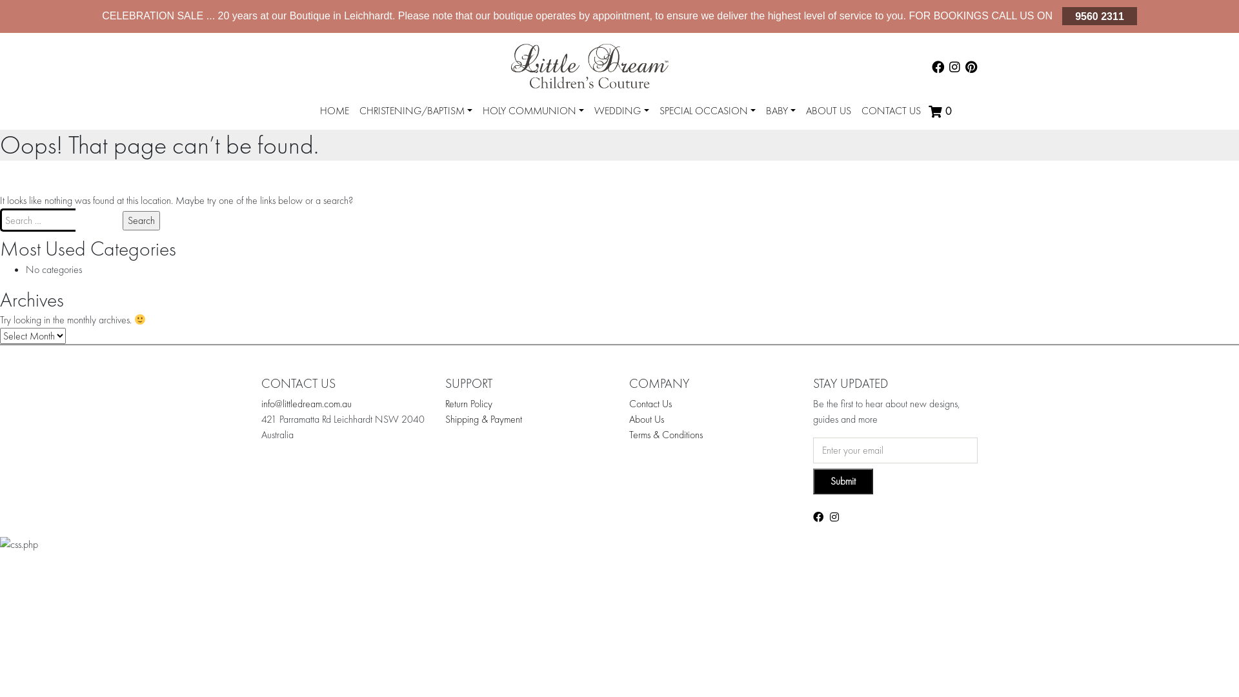  Describe the element at coordinates (824, 136) in the screenshot. I see `'Unisex Baby Wear'` at that location.